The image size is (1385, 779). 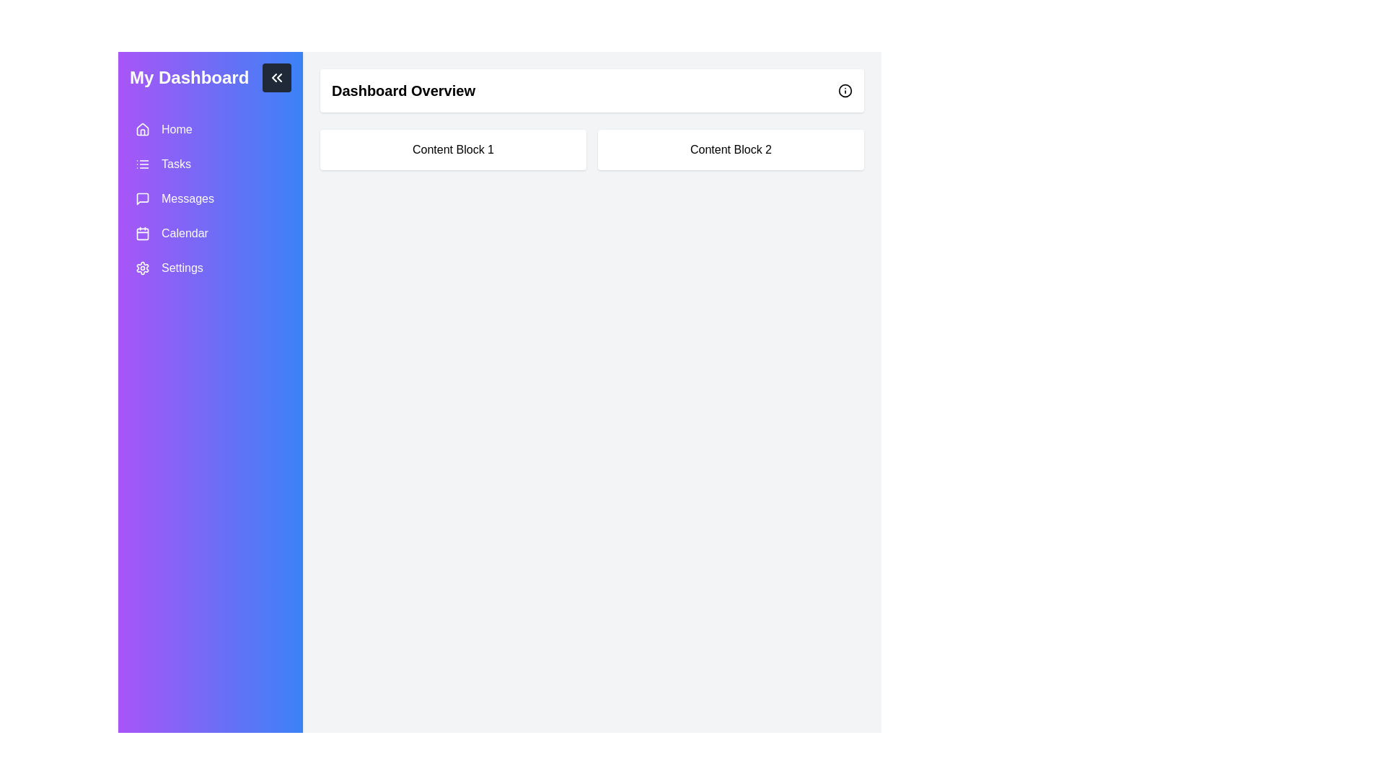 What do you see at coordinates (184, 233) in the screenshot?
I see `'Calendar' text label, which is the fourth item in the vertical menu on the left, positioned to the right of the calendar icon` at bounding box center [184, 233].